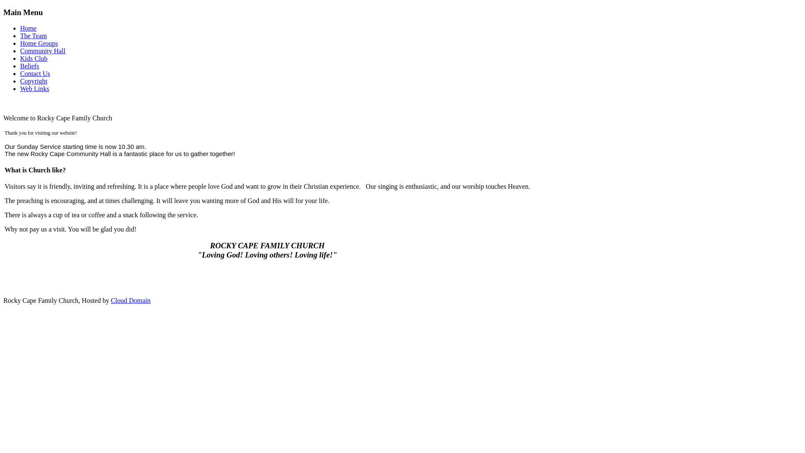  I want to click on 'Cloud Domain', so click(130, 300).